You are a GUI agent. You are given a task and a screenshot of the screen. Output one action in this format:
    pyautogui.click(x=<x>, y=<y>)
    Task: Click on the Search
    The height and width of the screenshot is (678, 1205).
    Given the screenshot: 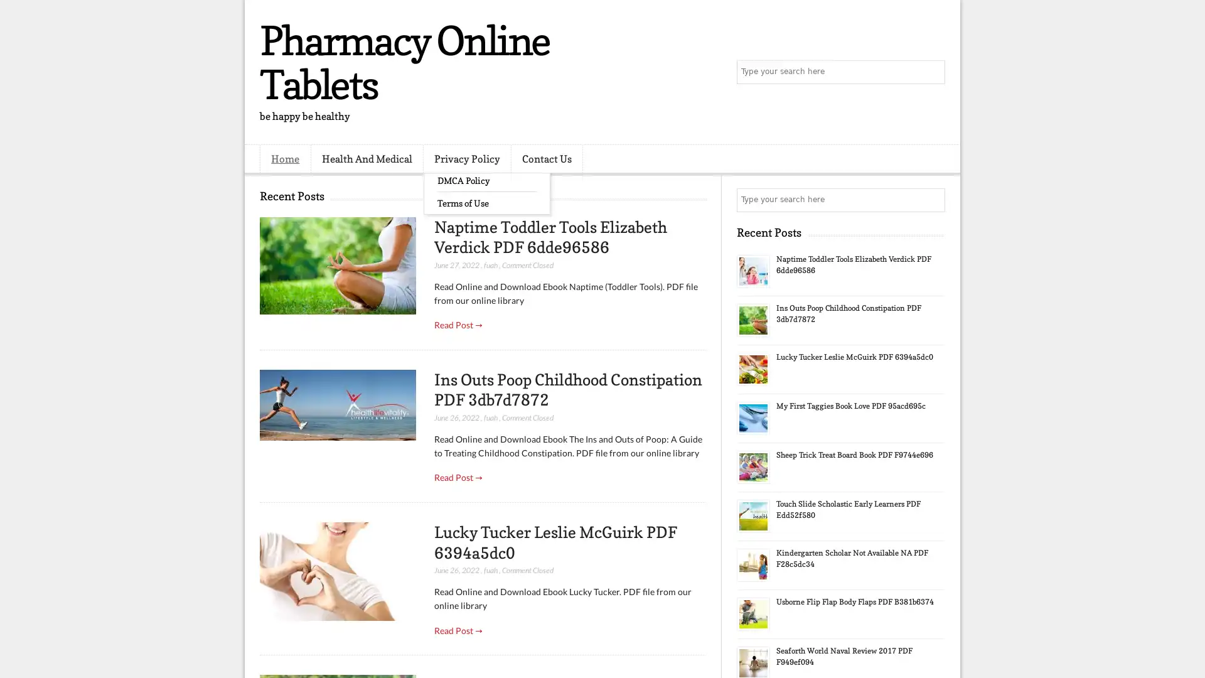 What is the action you would take?
    pyautogui.click(x=932, y=72)
    